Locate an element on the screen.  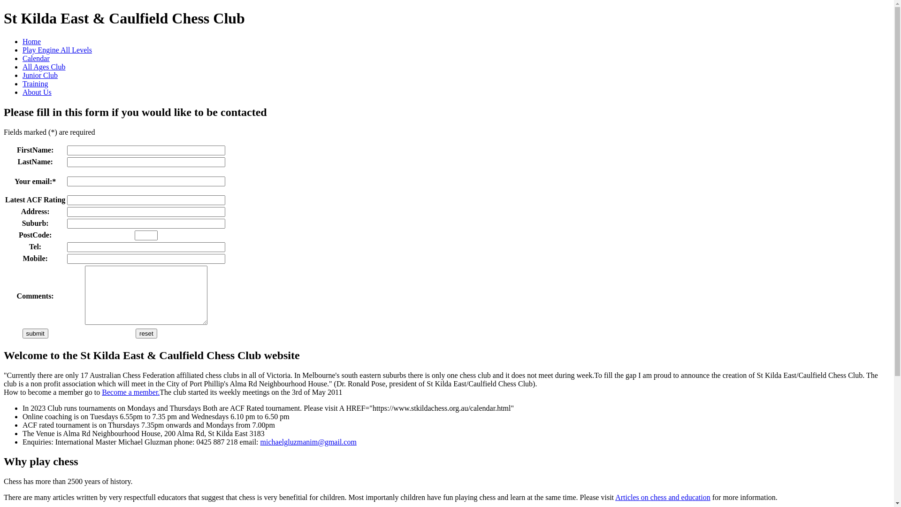
'Training' is located at coordinates (35, 83).